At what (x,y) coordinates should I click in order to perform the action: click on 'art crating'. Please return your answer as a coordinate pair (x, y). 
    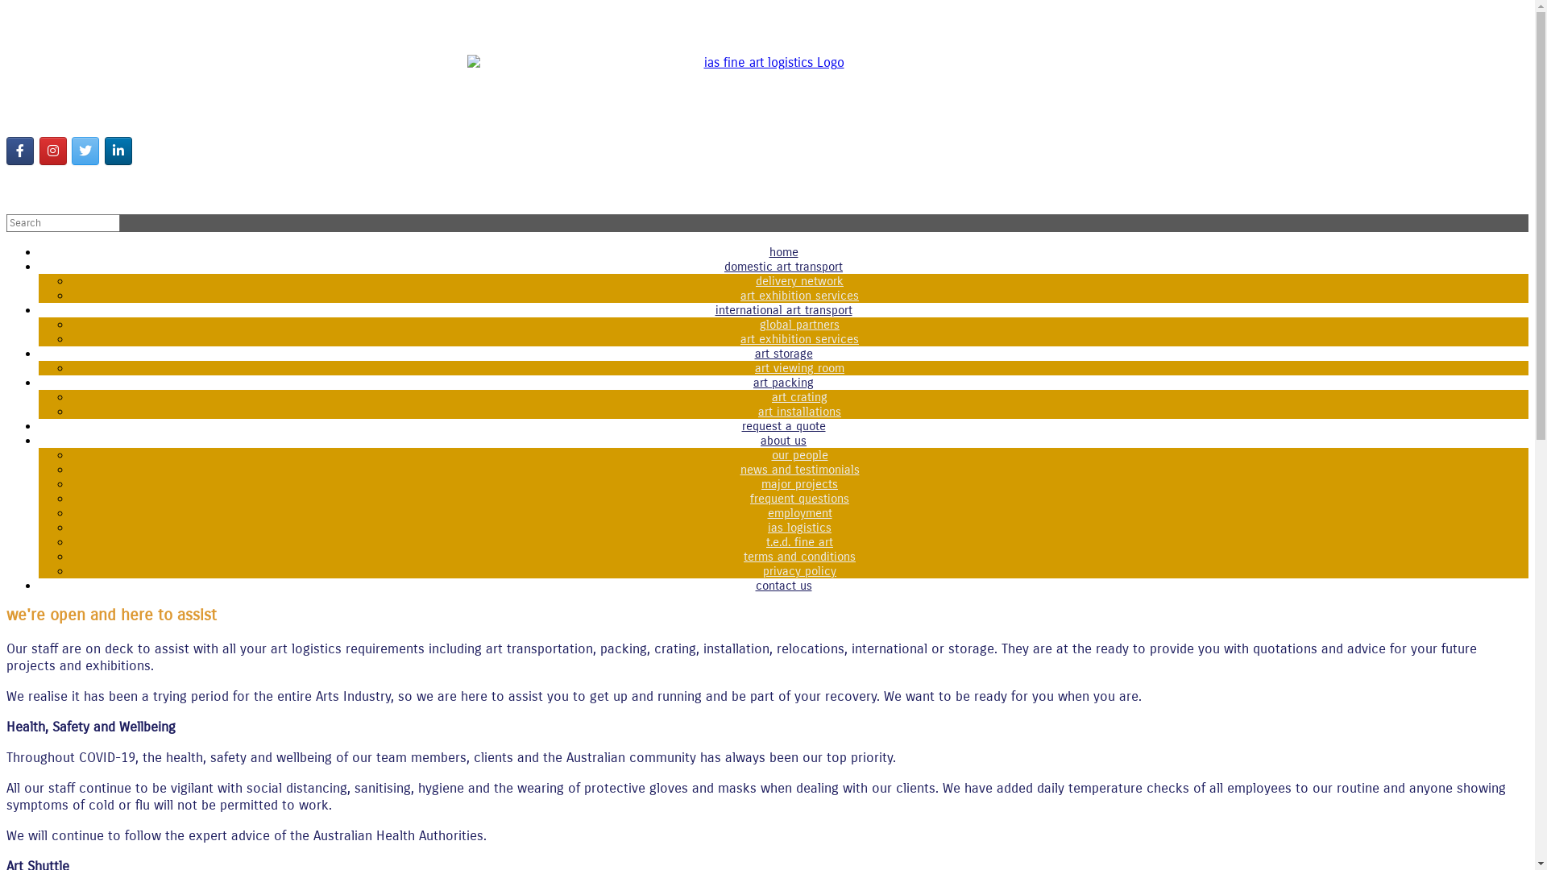
    Looking at the image, I should click on (799, 397).